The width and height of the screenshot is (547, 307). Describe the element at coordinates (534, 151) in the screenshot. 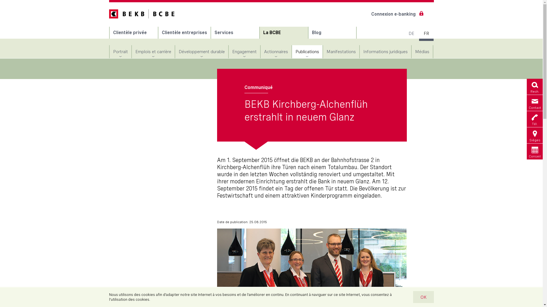

I see `'Conseil'` at that location.